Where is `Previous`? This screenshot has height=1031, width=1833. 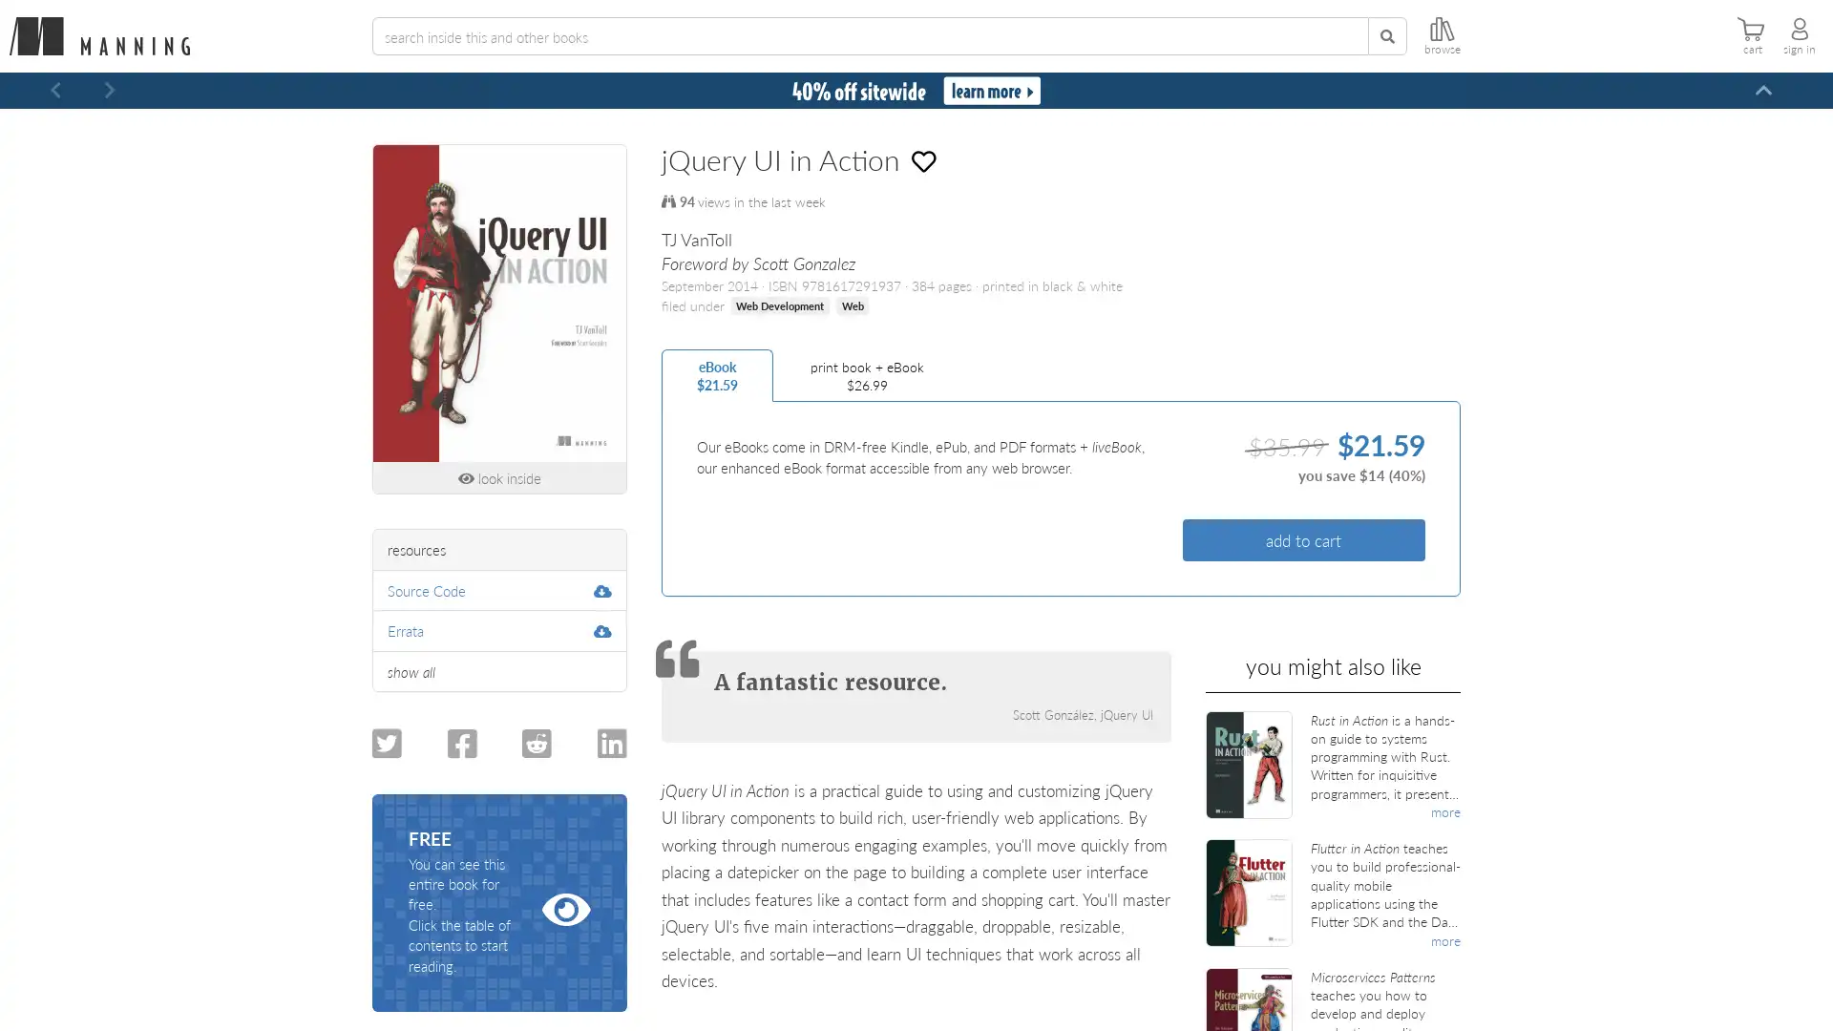 Previous is located at coordinates (55, 91).